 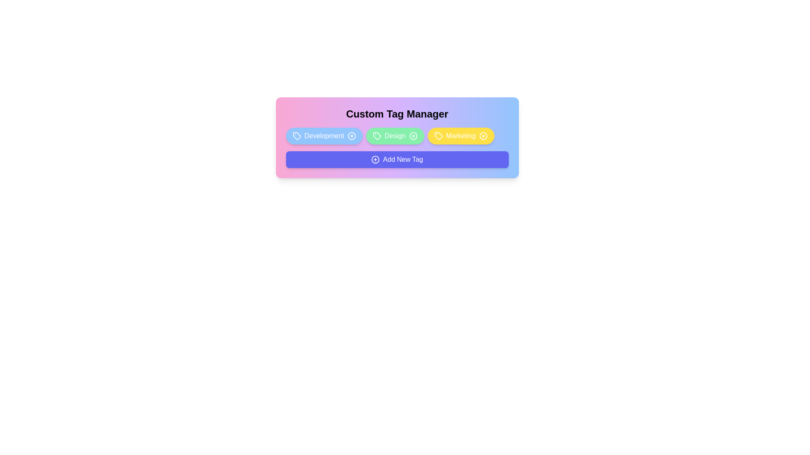 I want to click on the 'Add New Tag' button to add a new tag, so click(x=397, y=159).